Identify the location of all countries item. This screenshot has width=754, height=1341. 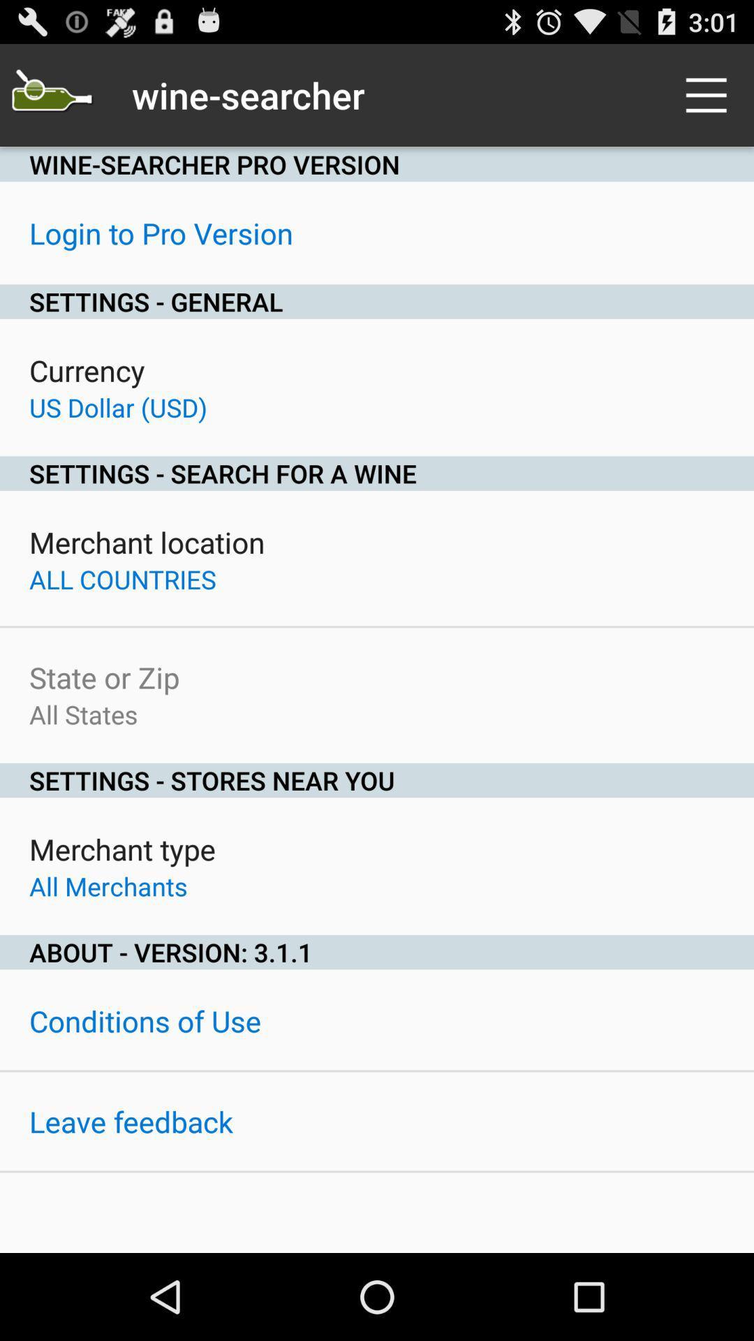
(121, 579).